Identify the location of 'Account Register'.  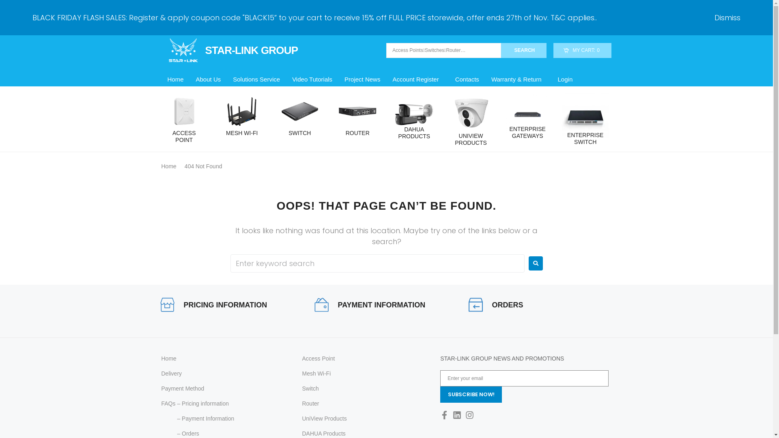
(417, 79).